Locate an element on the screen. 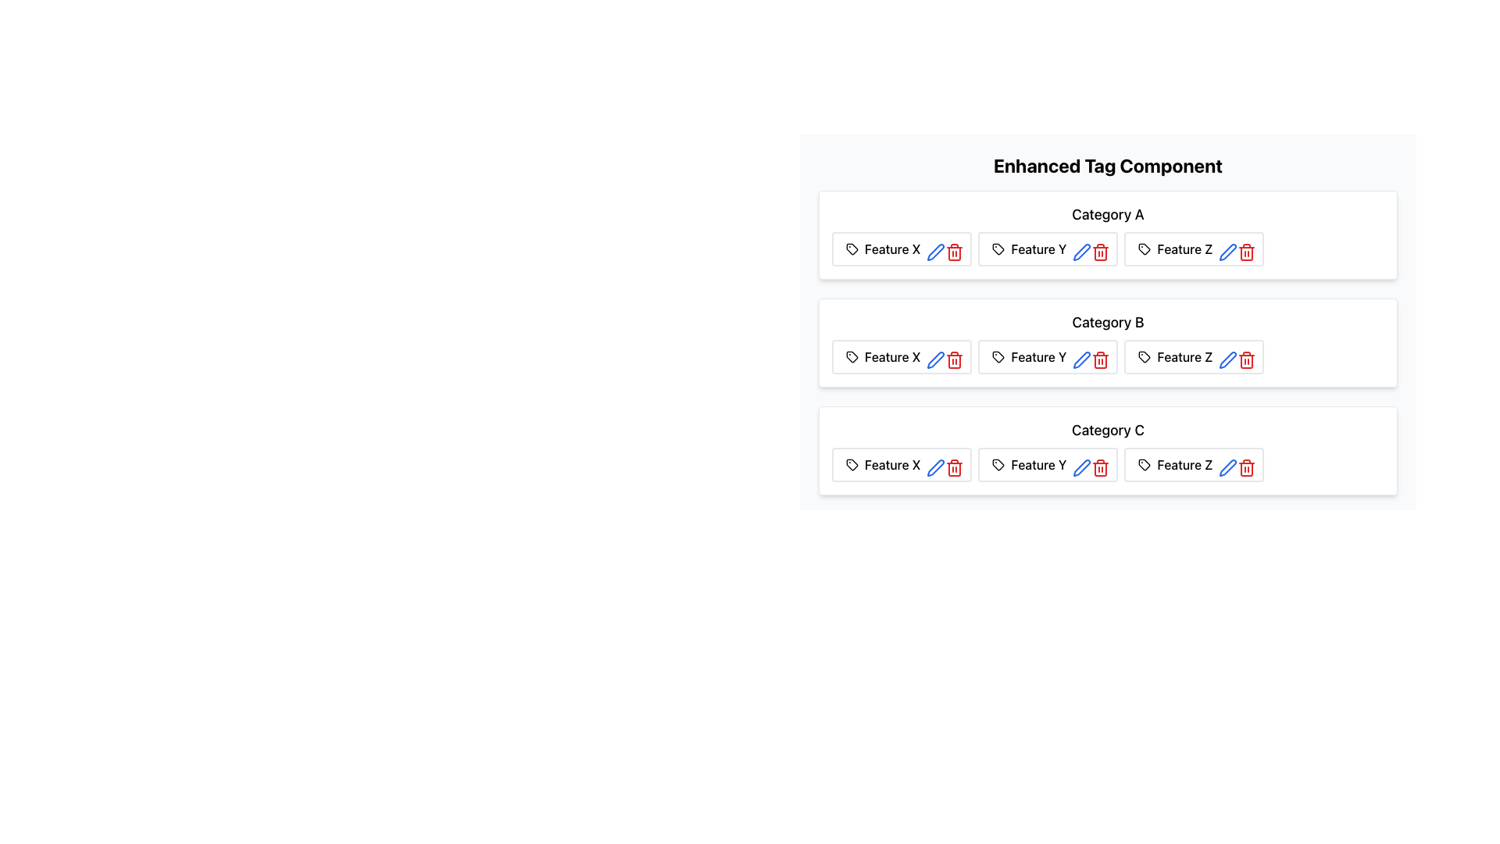 The image size is (1500, 844). the edit icon for 'Feature Y' located in the second position under 'Category A' is located at coordinates (1081, 252).